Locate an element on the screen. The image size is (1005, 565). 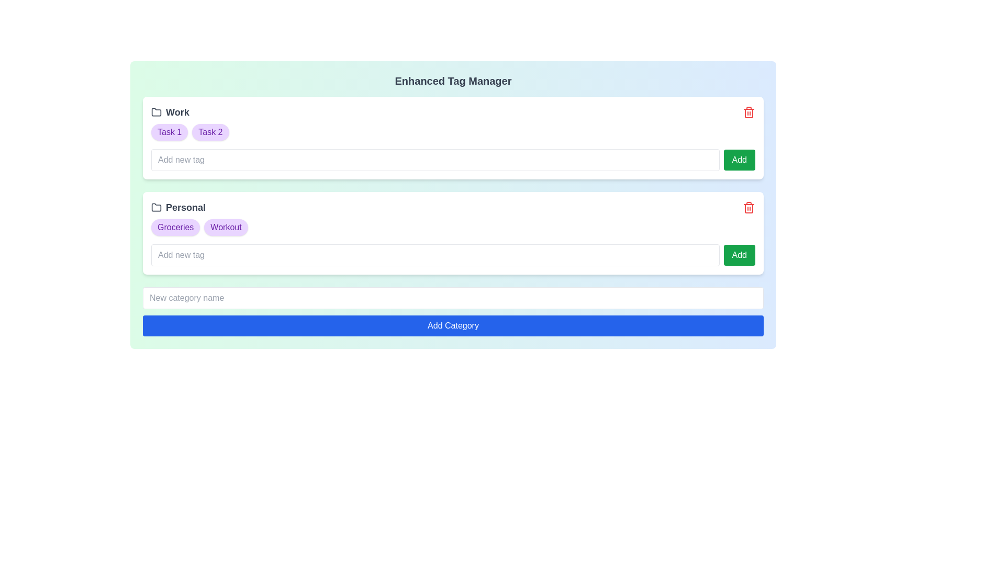
the red trash can icon located to the upper right of the 'Work' category is located at coordinates (748, 112).